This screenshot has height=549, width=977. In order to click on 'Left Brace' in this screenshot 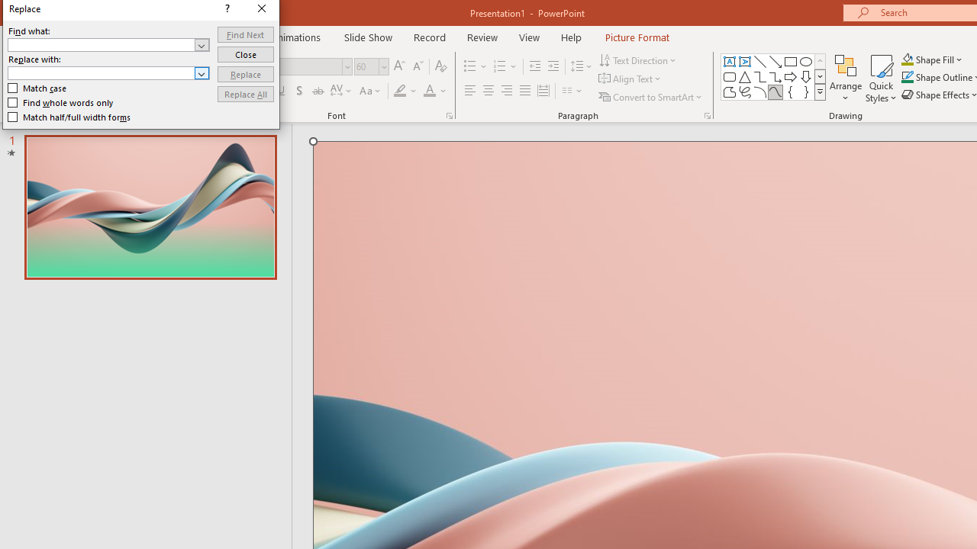, I will do `click(791, 91)`.